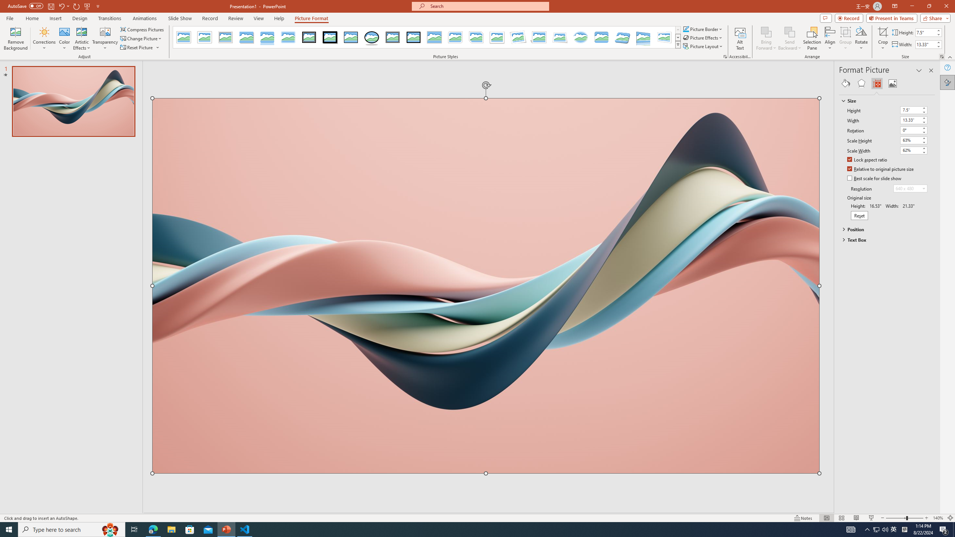 Image resolution: width=955 pixels, height=537 pixels. What do you see at coordinates (941, 56) in the screenshot?
I see `'Size and Position...'` at bounding box center [941, 56].